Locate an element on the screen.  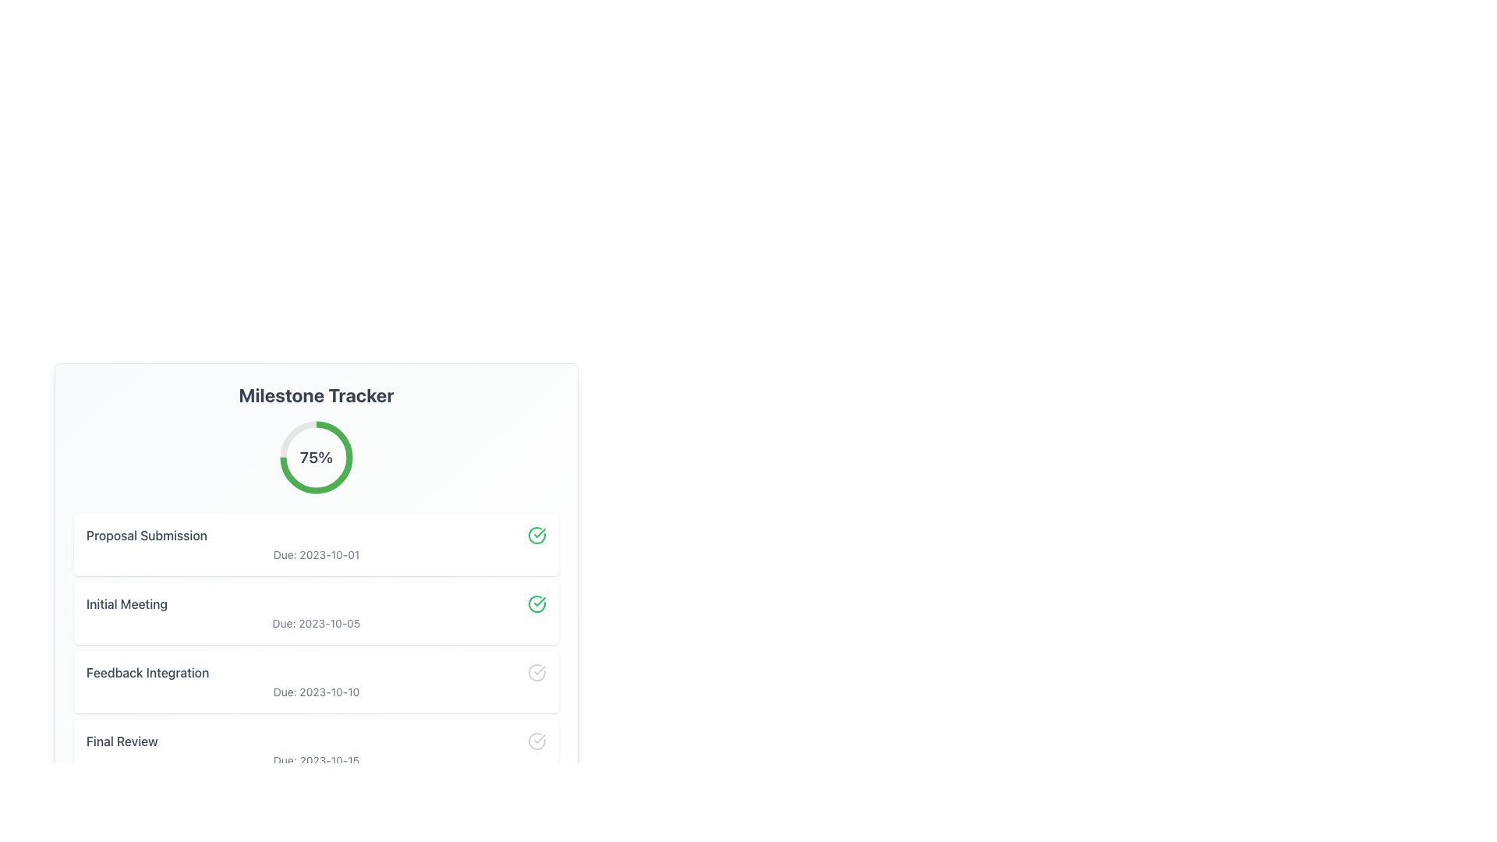
the second milestone entry in the 'Milestone Tracker' section, which displays the milestone's name and due date, located between 'Proposal Submission' and 'Feedback Integration' is located at coordinates (316, 647).